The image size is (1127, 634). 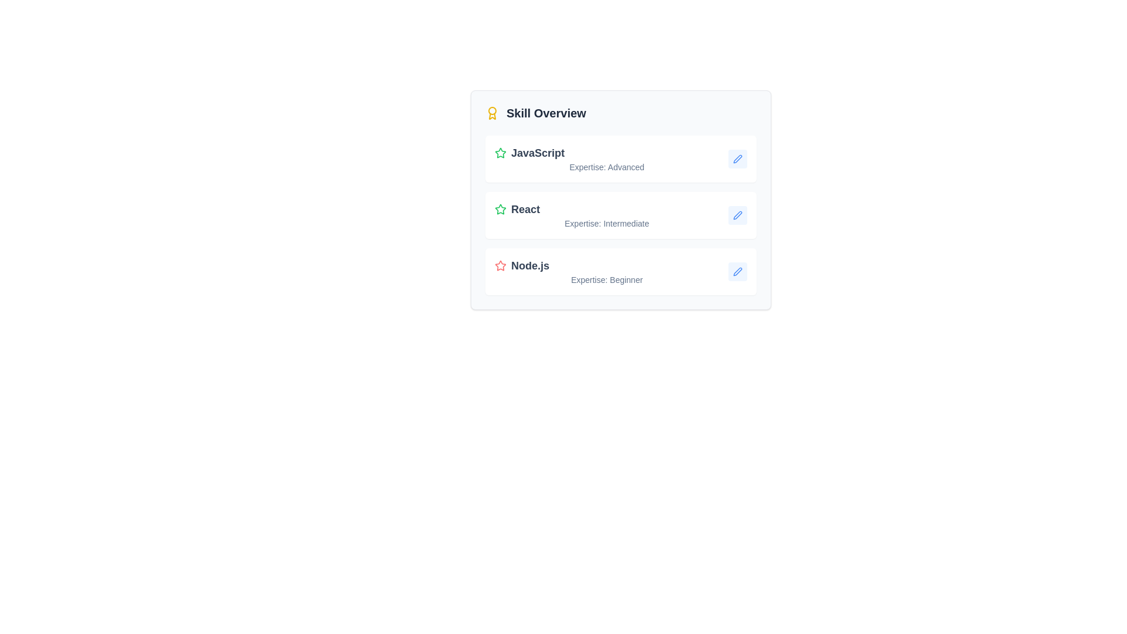 What do you see at coordinates (737, 215) in the screenshot?
I see `the edit button located next to the 'Expertise: Intermediate' text in the 'React' section of the 'Skill Overview' panel to change its background color` at bounding box center [737, 215].